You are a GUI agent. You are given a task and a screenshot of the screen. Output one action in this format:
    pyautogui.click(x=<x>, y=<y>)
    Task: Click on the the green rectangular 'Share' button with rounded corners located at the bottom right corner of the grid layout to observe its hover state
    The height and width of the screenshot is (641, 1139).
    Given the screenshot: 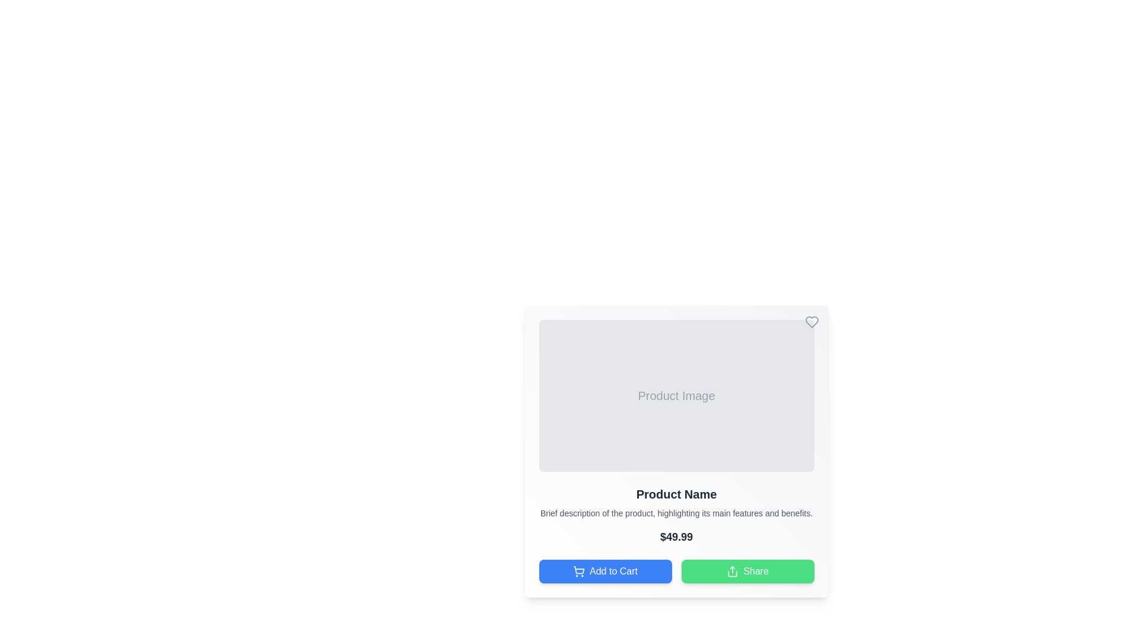 What is the action you would take?
    pyautogui.click(x=747, y=571)
    